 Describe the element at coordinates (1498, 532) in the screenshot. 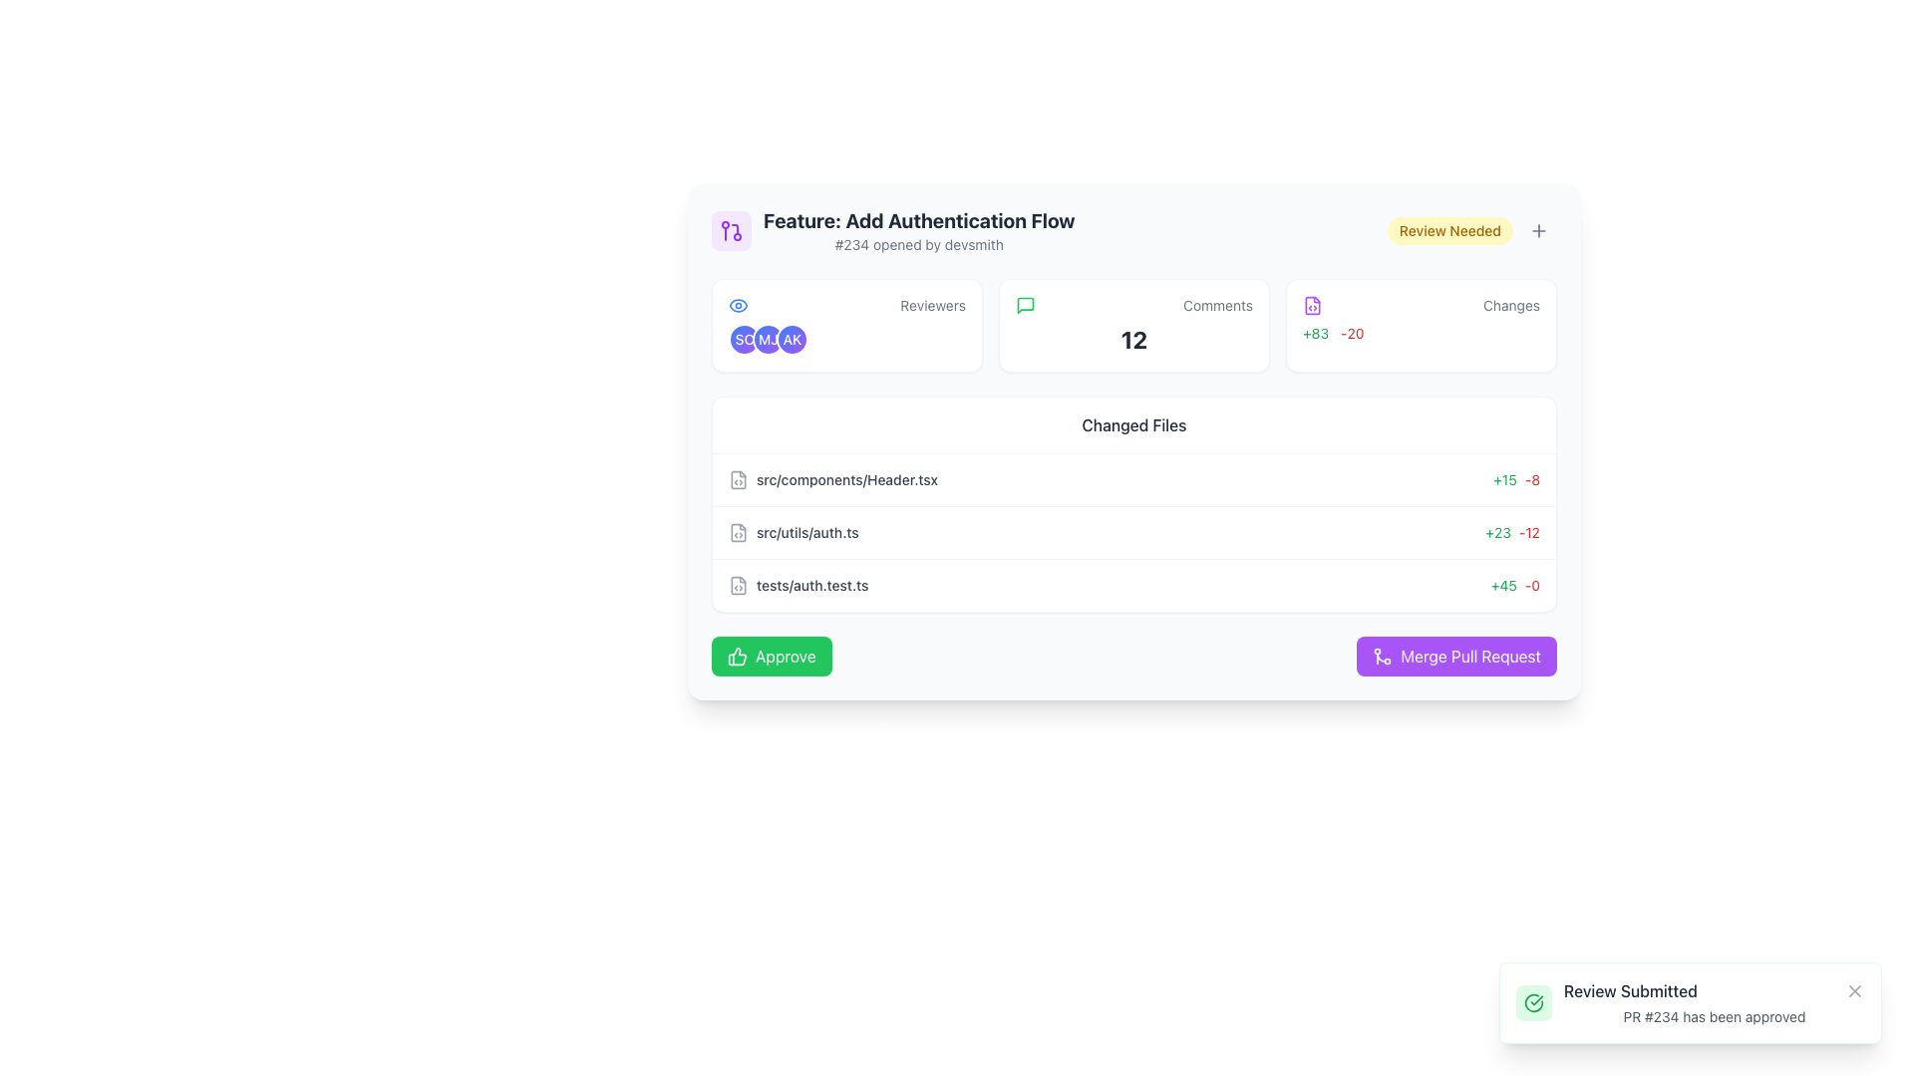

I see `the green-colored text displaying '+23', styled with a 'text-green-600' class, located in the 'Changes' column of the 'Changed Files' section` at that location.